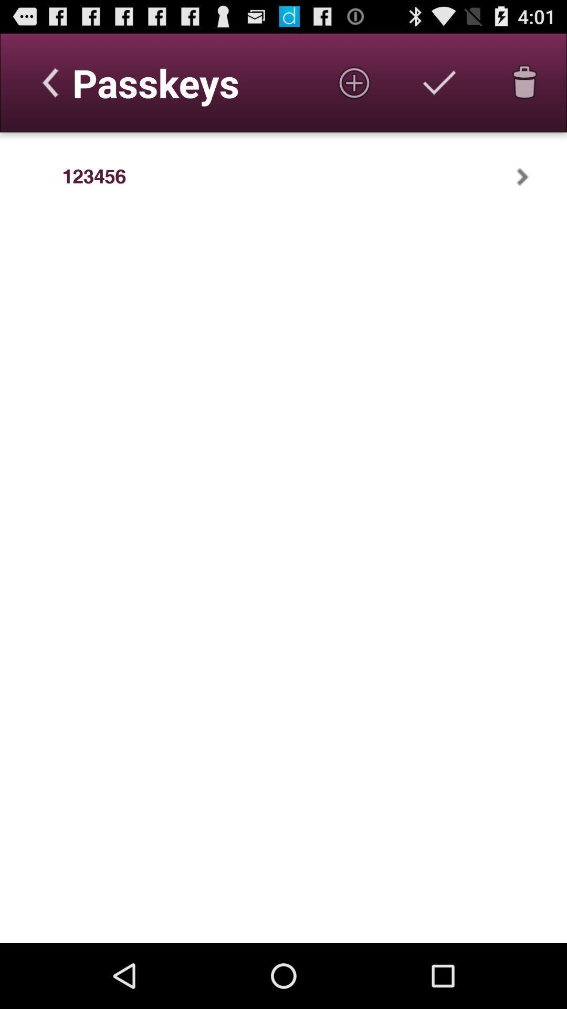 Image resolution: width=567 pixels, height=1009 pixels. What do you see at coordinates (93, 177) in the screenshot?
I see `the 123456 item` at bounding box center [93, 177].